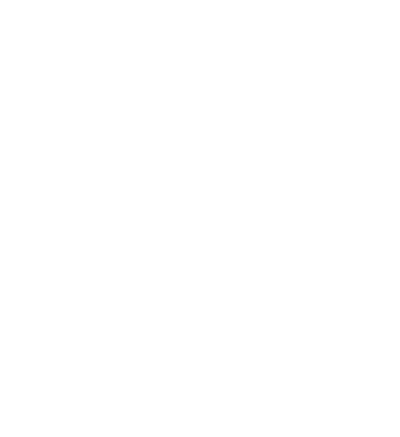  Describe the element at coordinates (196, 146) in the screenshot. I see `'Amplía tu experiencia con nosotros, ya sea profundizando tus conocimientos de coctelería en nuestro Greatroom o aprendiendo algo nuevo con el Manchester United.'` at that location.